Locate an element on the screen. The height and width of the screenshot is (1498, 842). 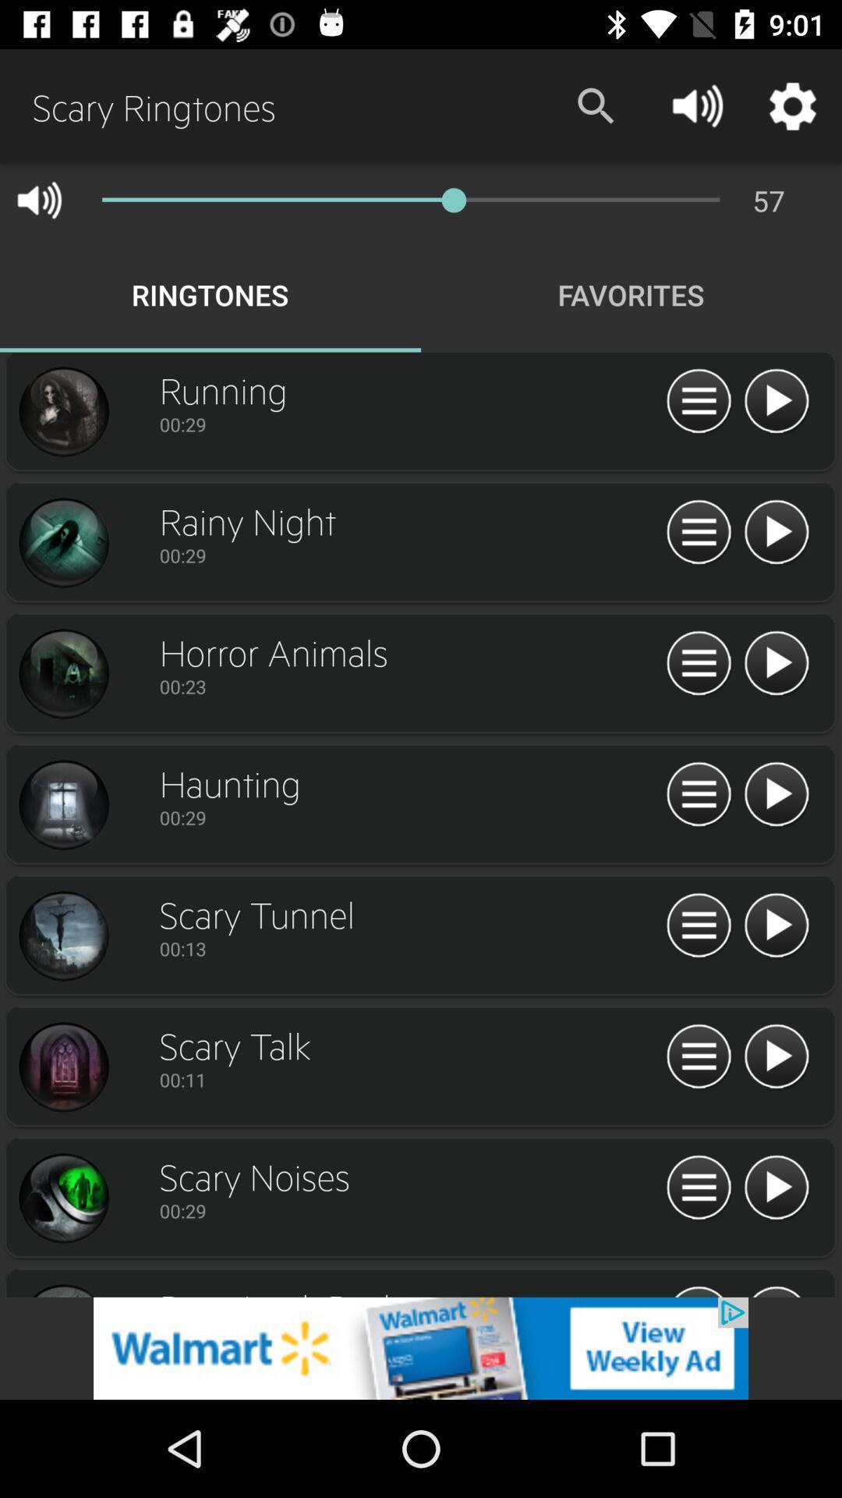
open picture is located at coordinates (62, 805).